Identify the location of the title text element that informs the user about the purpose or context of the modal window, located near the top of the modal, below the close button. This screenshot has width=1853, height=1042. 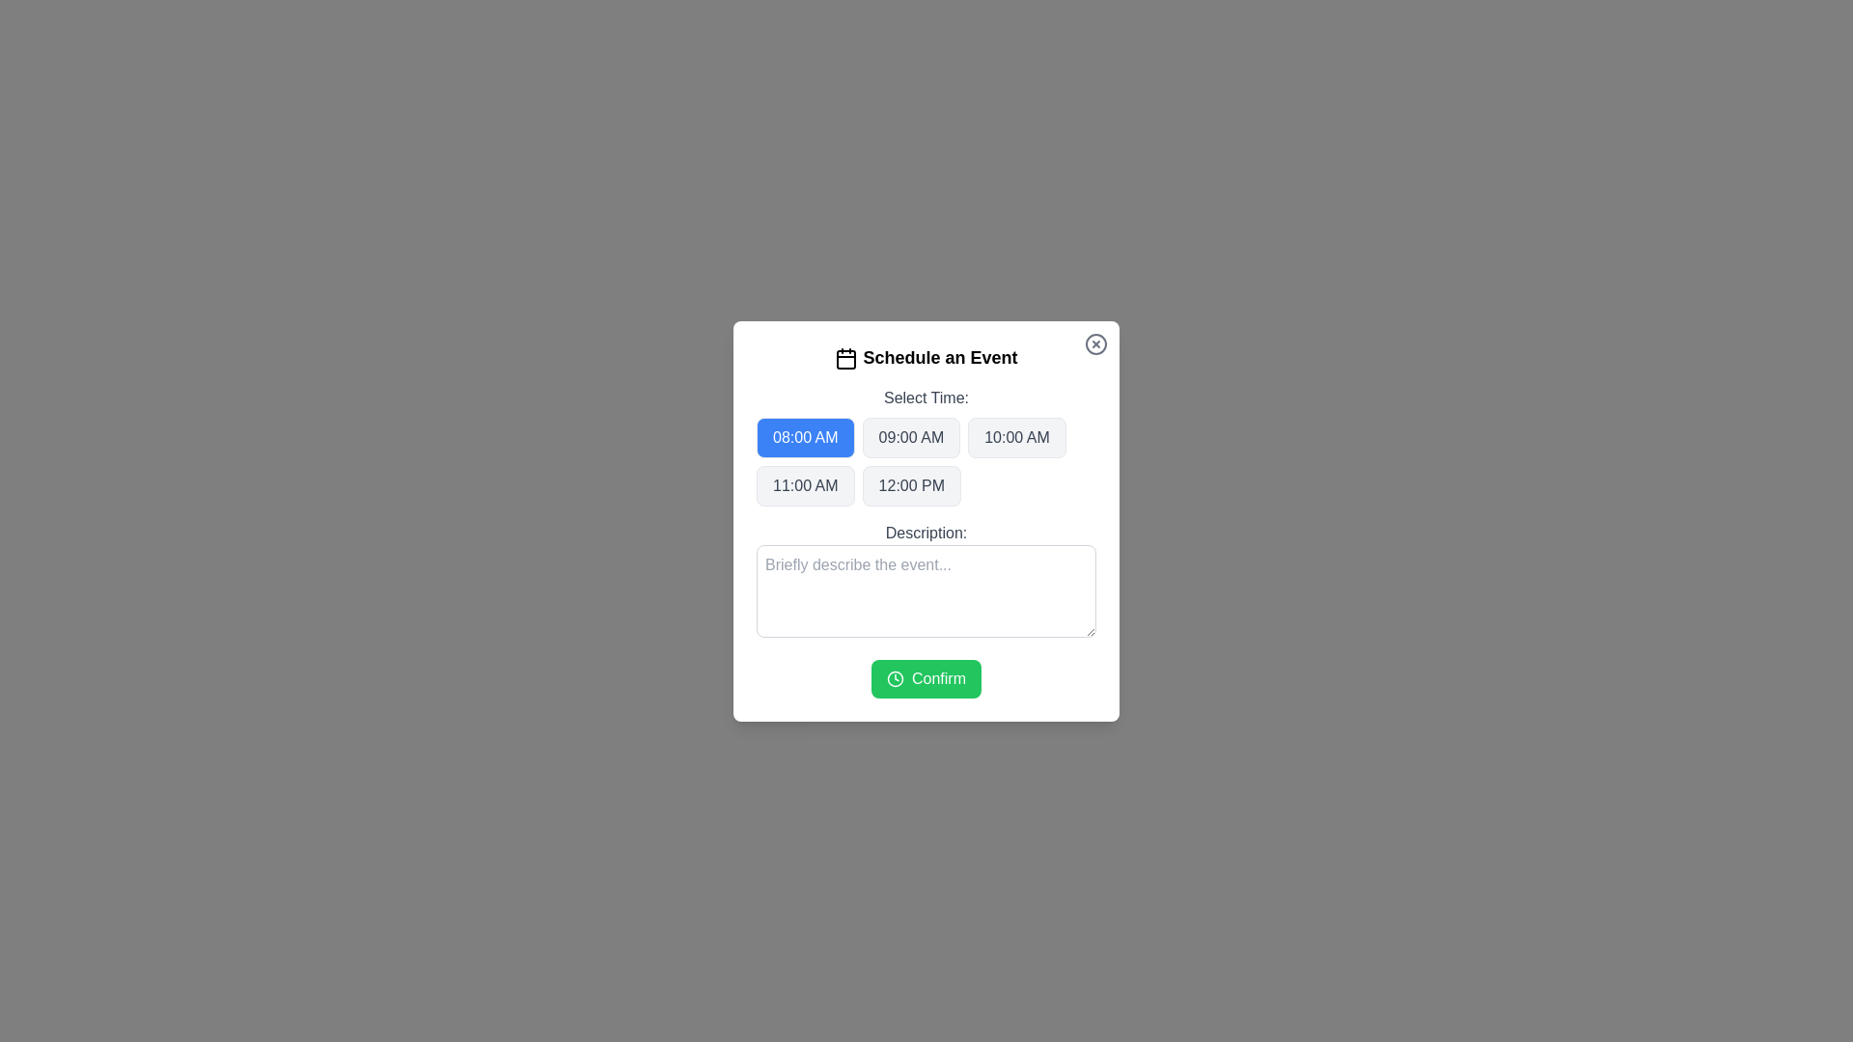
(926, 357).